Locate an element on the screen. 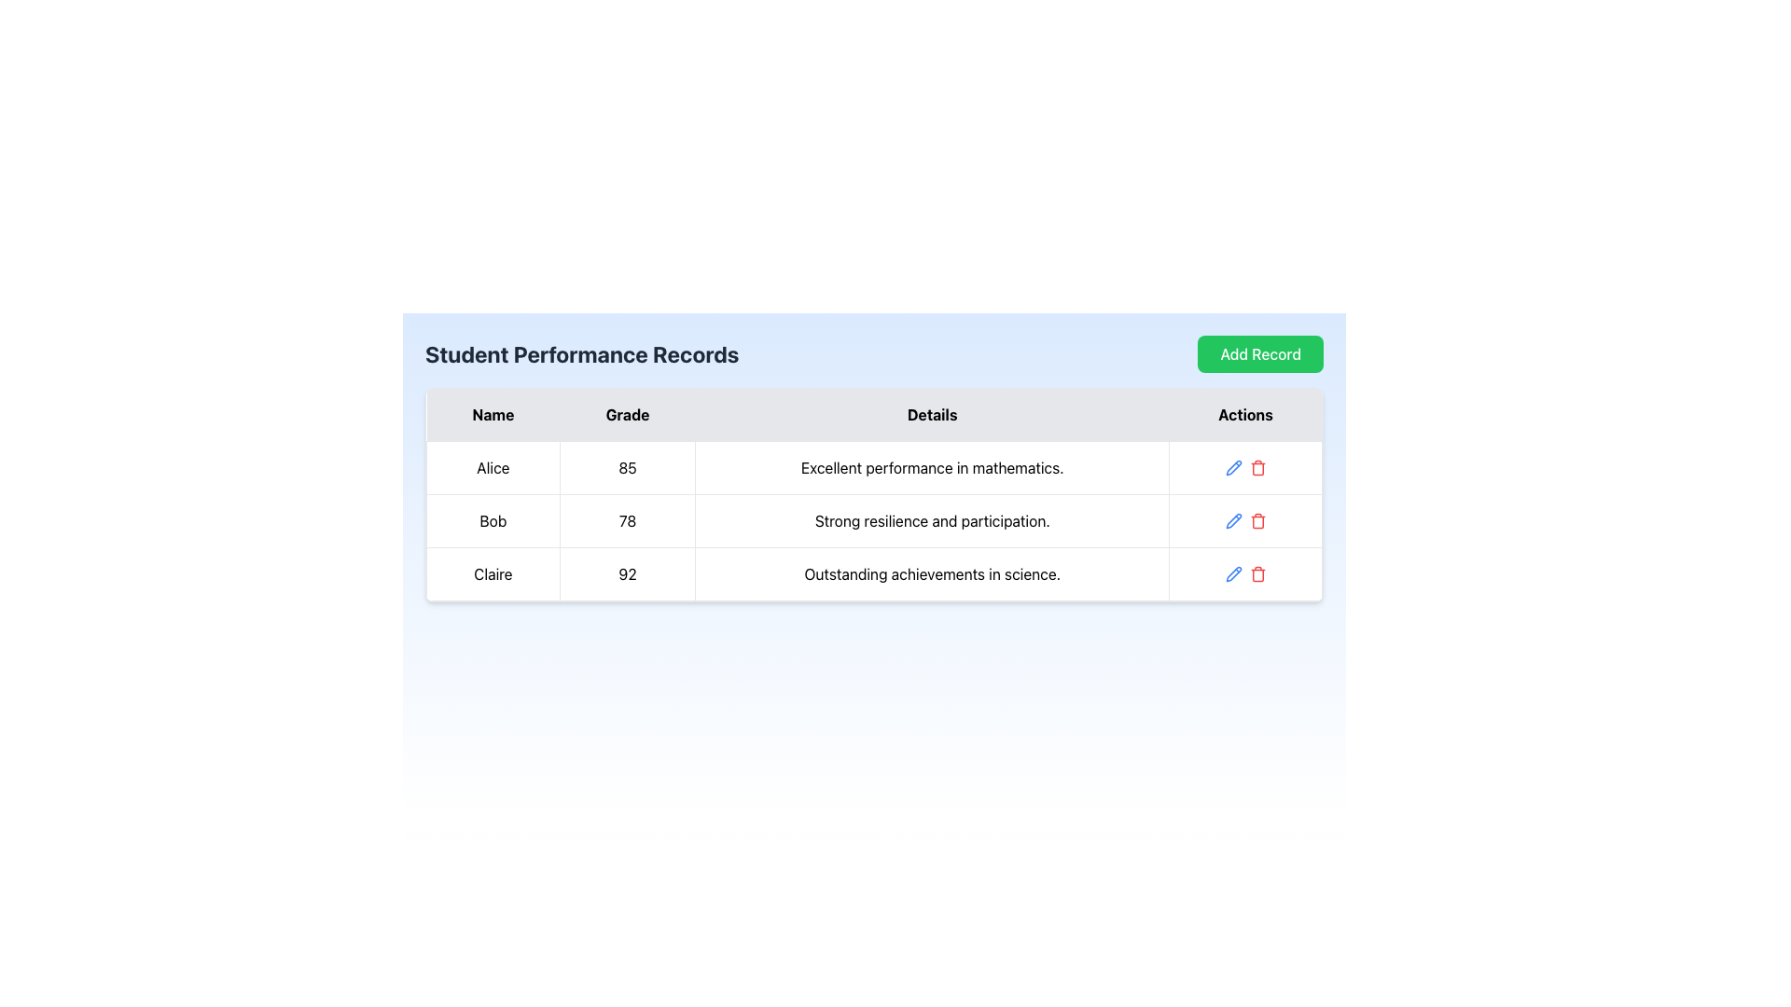 The image size is (1791, 1007). the static text displaying 'Excellent performance in mathematics.' located in the 'Details' column of the table, corresponding to 'Alice' with a grade of '85.' is located at coordinates (932, 466).